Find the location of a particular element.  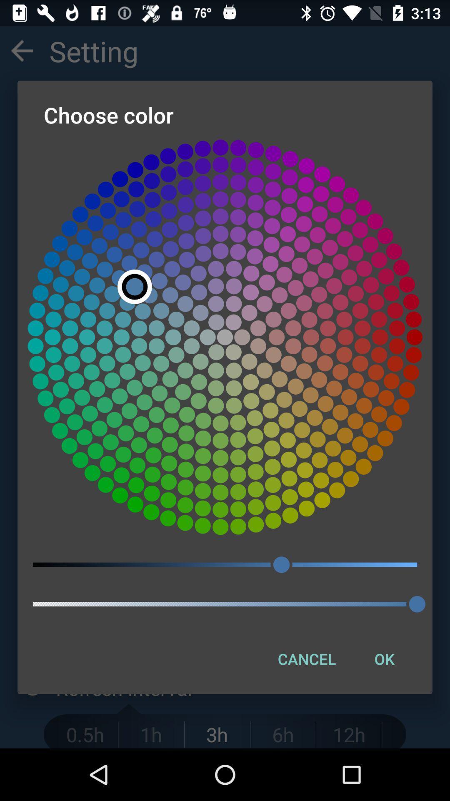

the icon to the left of ok icon is located at coordinates (307, 658).